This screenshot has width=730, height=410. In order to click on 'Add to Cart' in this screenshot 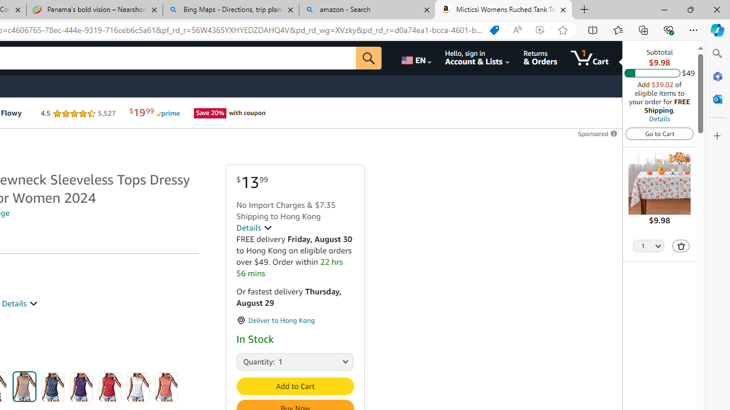, I will do `click(295, 386)`.